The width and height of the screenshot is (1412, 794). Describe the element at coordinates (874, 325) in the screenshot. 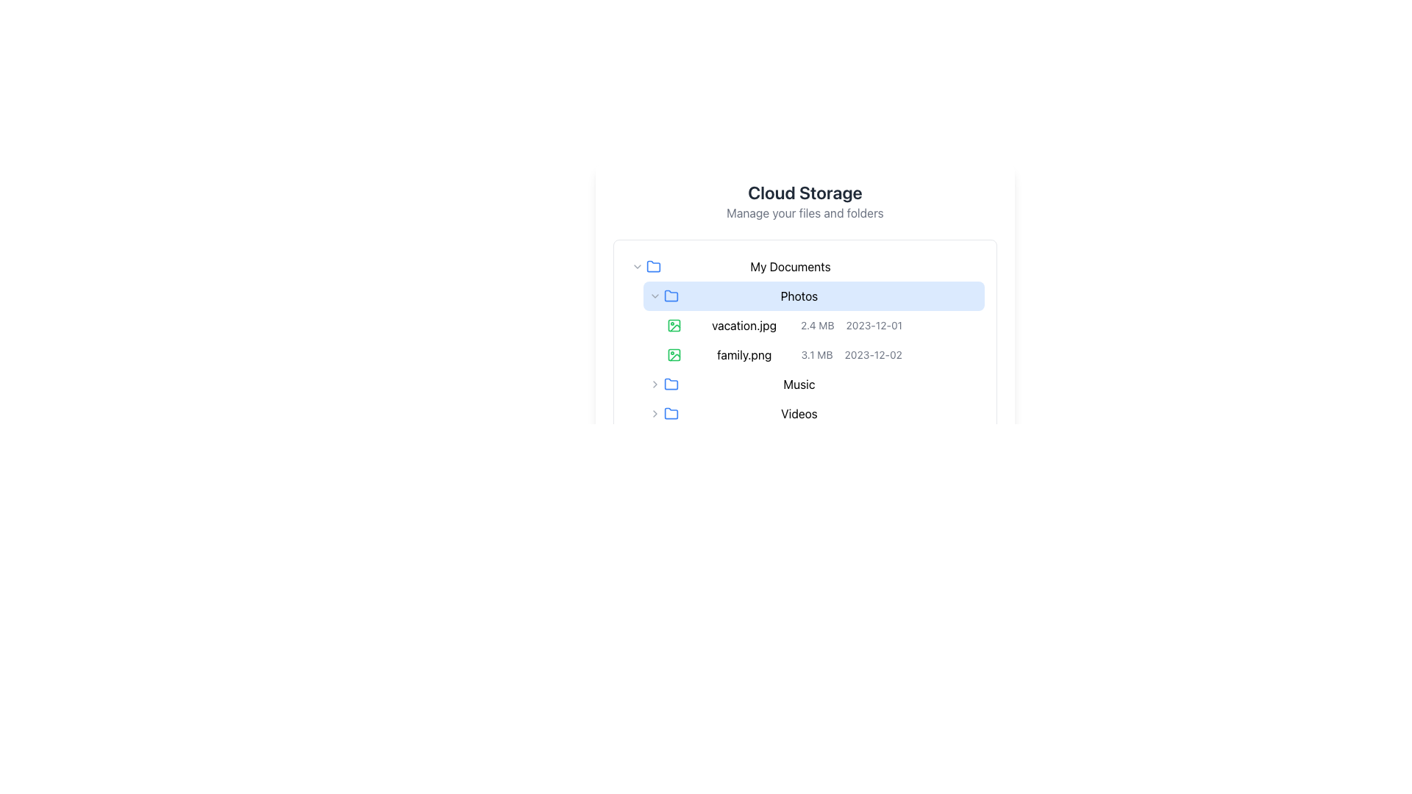

I see `the static text that indicates the last modified or created date for the file 'vacation.jpg' located in the 'Photos' folder, adjacent to the file size '2.4 MB'` at that location.